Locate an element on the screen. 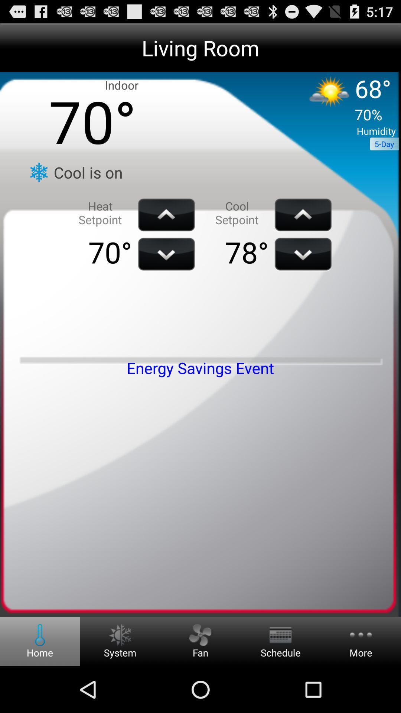  icon before cool text below 70 is located at coordinates (39, 172).